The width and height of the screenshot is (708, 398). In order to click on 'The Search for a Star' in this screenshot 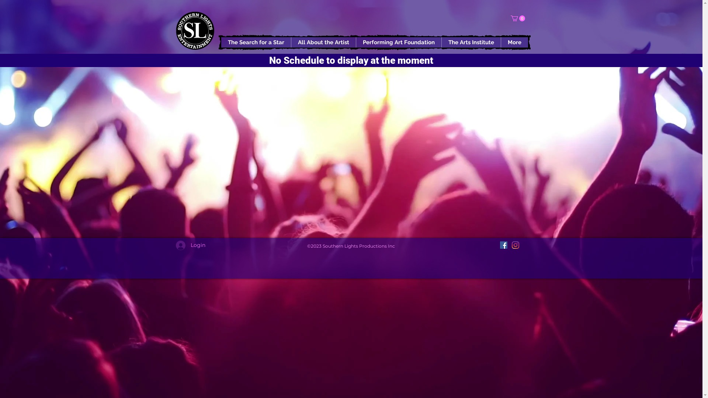, I will do `click(256, 42)`.